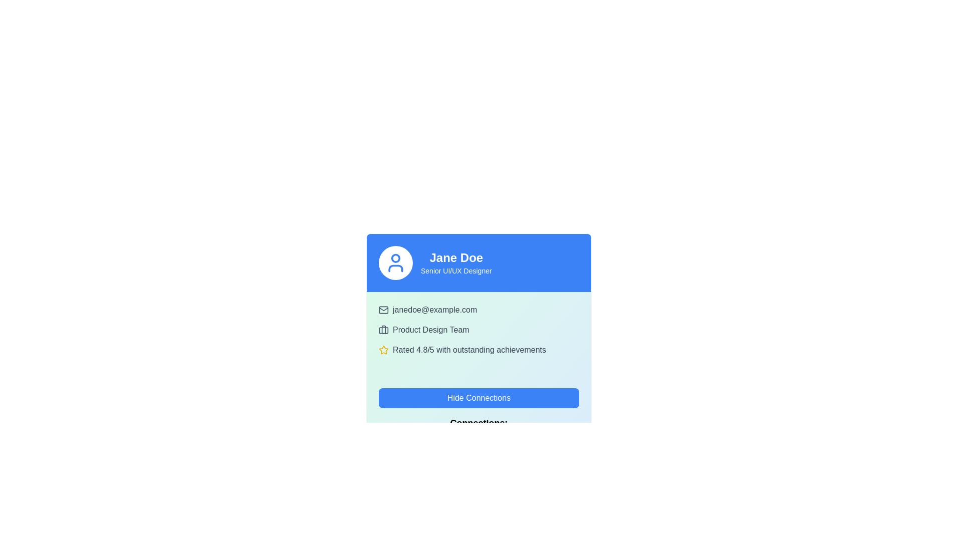 This screenshot has height=541, width=962. Describe the element at coordinates (395, 262) in the screenshot. I see `the Profile picture icon, which is a circular button with a white background and a blue user icon, located in the top-left corner of the profile card` at that location.